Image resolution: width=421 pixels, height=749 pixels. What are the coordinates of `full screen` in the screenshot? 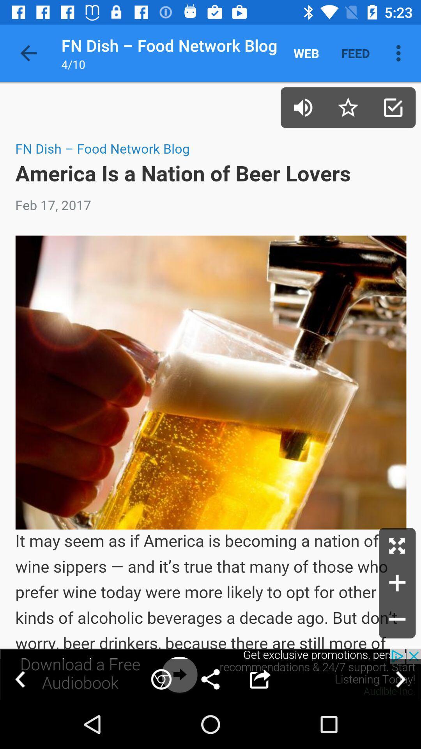 It's located at (397, 546).